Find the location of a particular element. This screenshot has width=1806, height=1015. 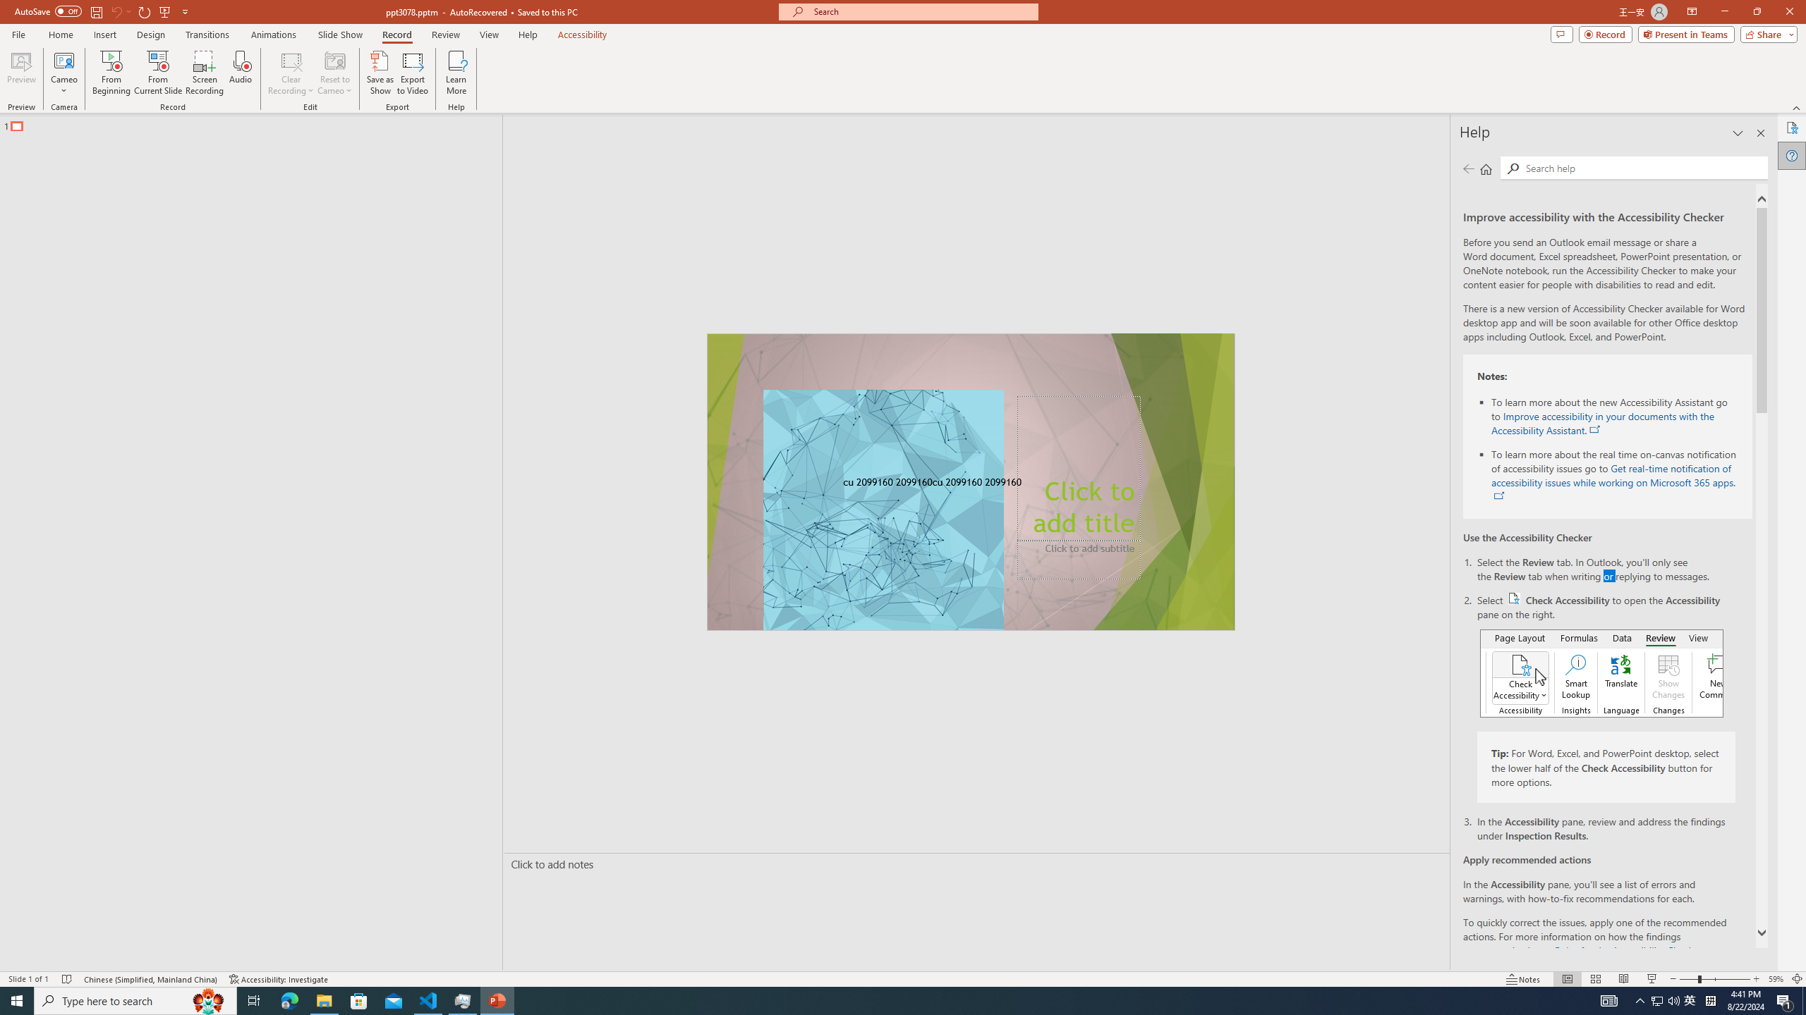

'Clear Recording' is located at coordinates (291, 73).